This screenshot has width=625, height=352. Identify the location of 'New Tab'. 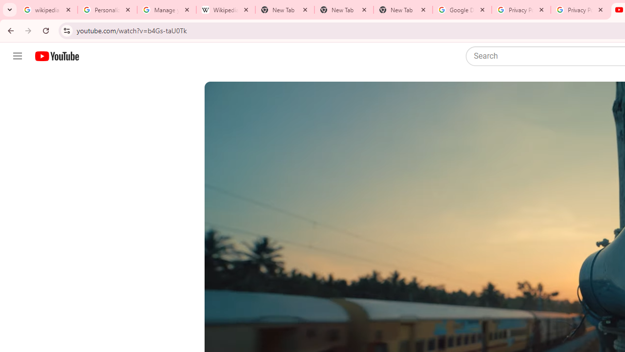
(403, 10).